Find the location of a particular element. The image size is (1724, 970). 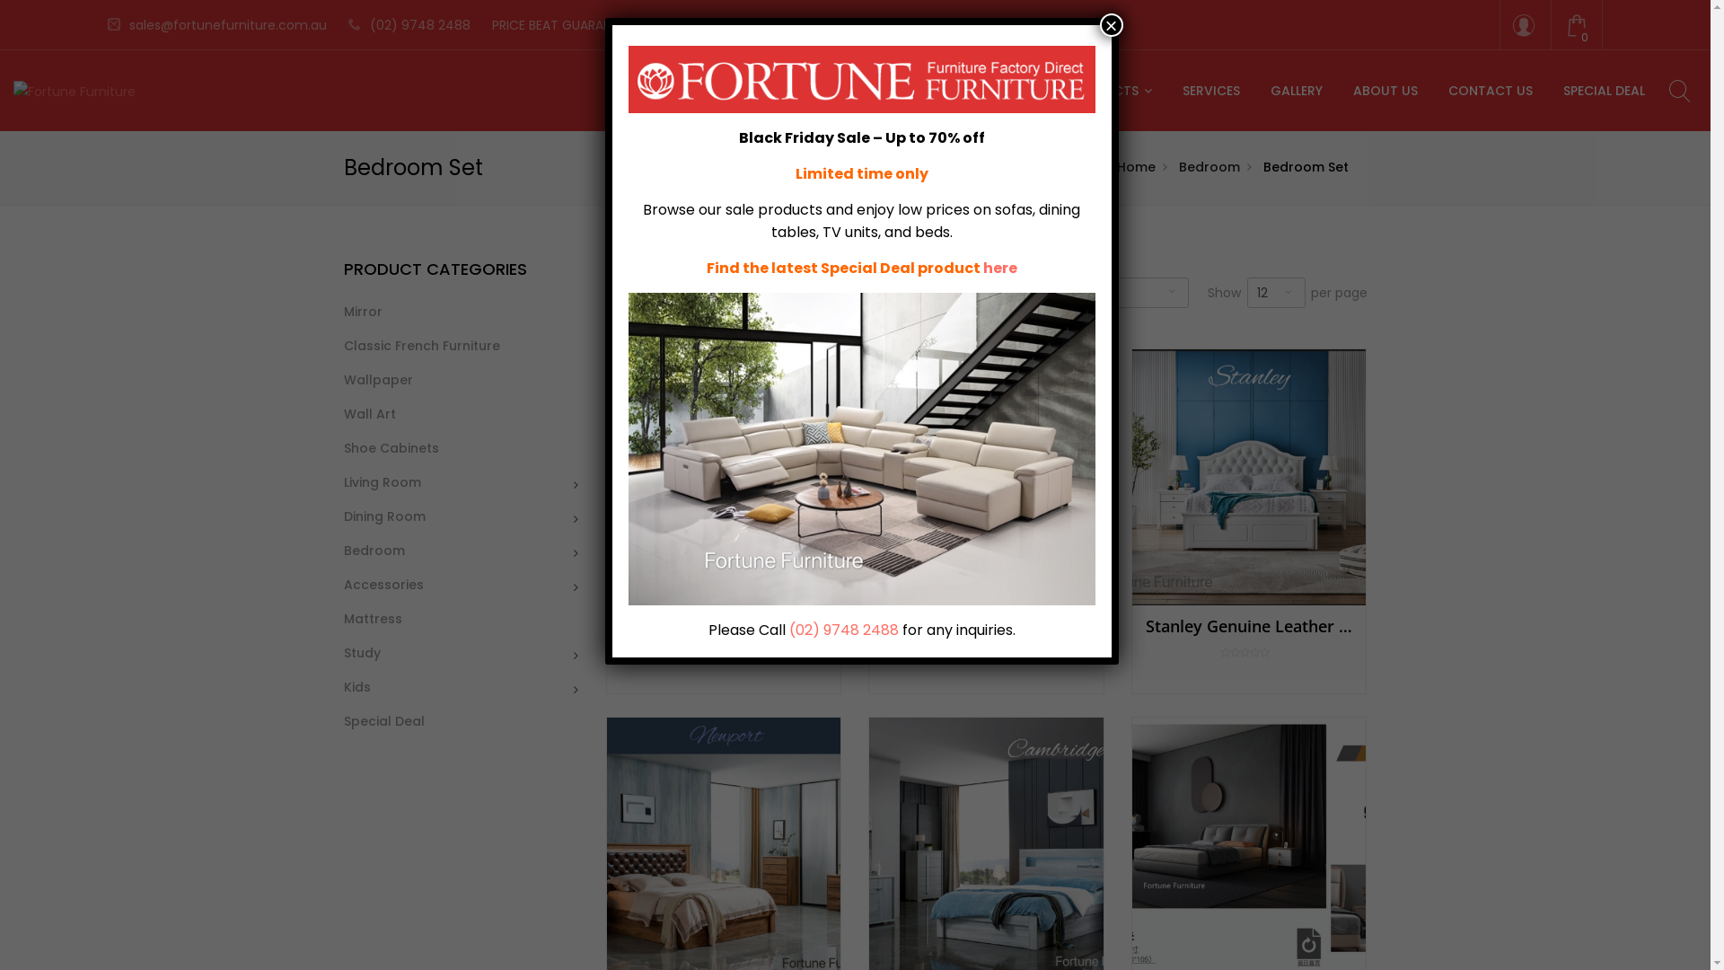

'GALLERY' is located at coordinates (1297, 90).